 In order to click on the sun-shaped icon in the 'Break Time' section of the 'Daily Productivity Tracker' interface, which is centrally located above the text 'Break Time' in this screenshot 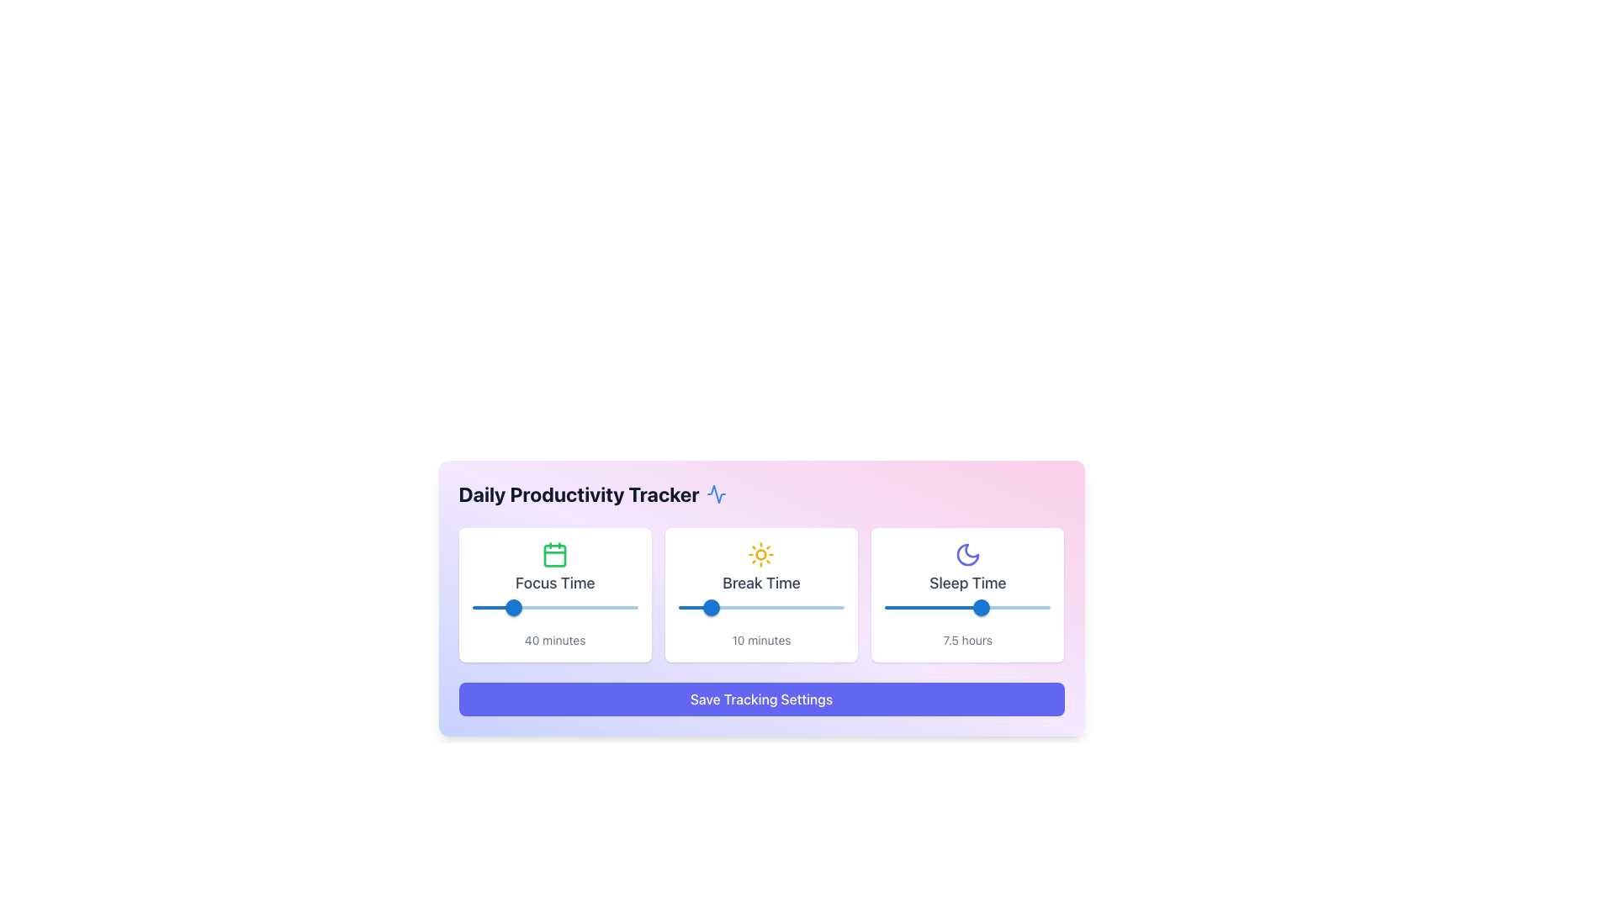, I will do `click(760, 554)`.